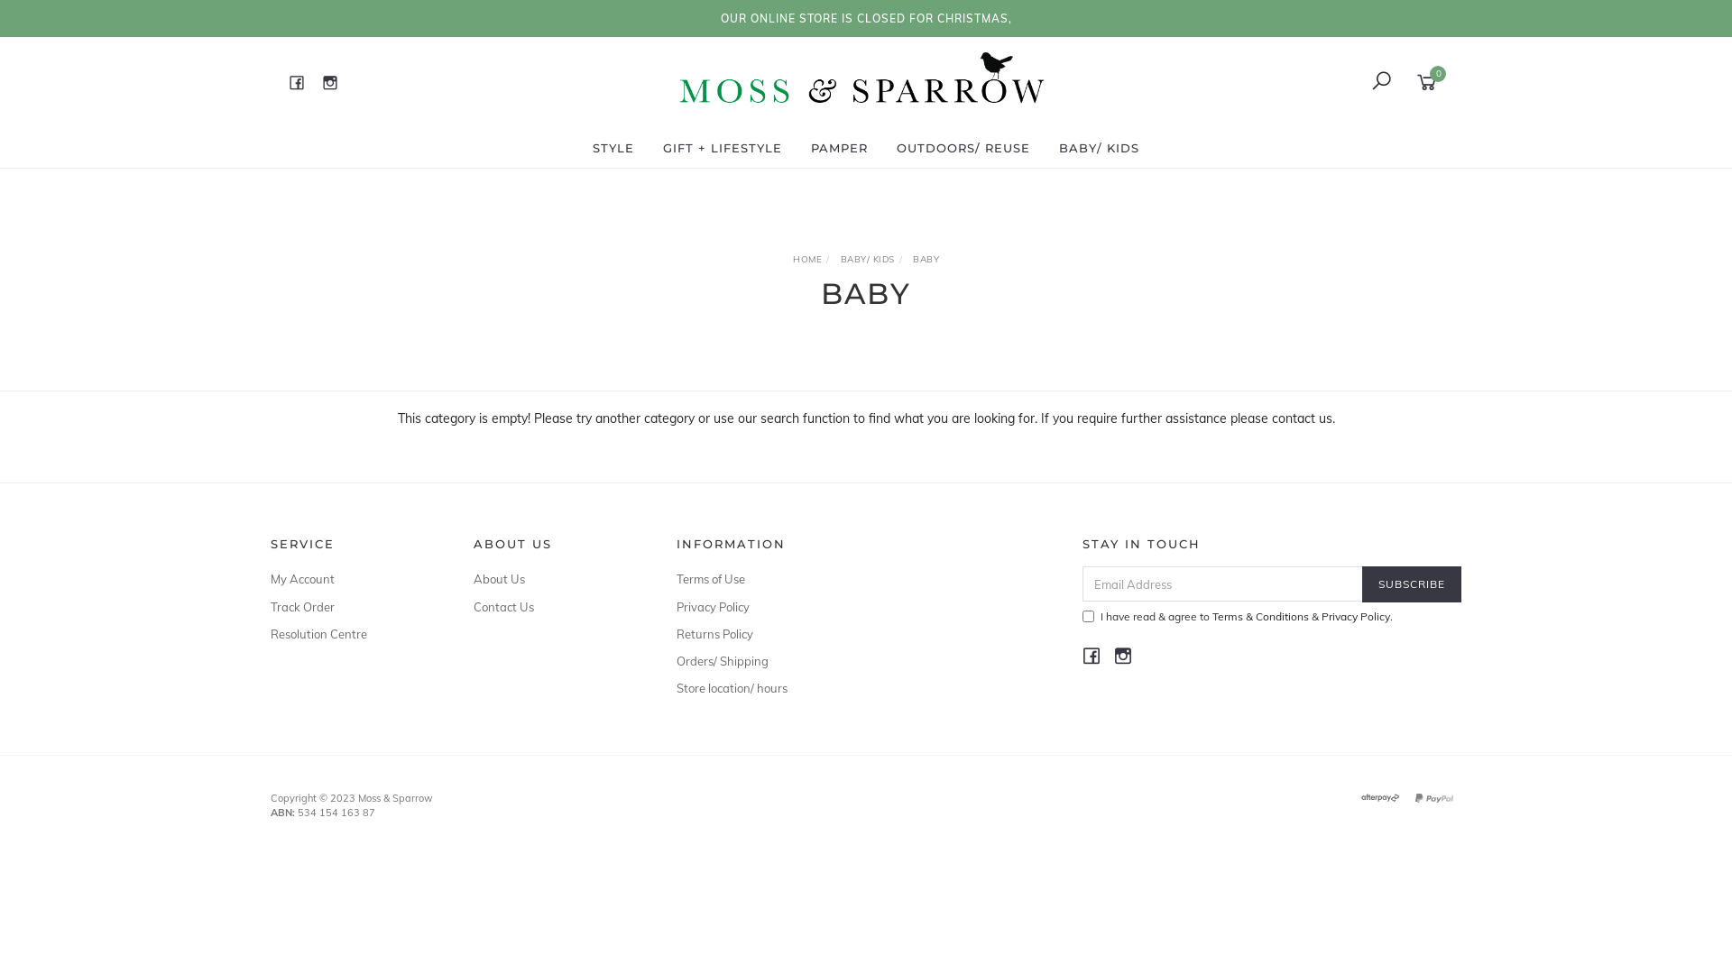  I want to click on 'OUR ONLINE STORE IS CLOSED FOR CHRISTMAS,', so click(864, 18).